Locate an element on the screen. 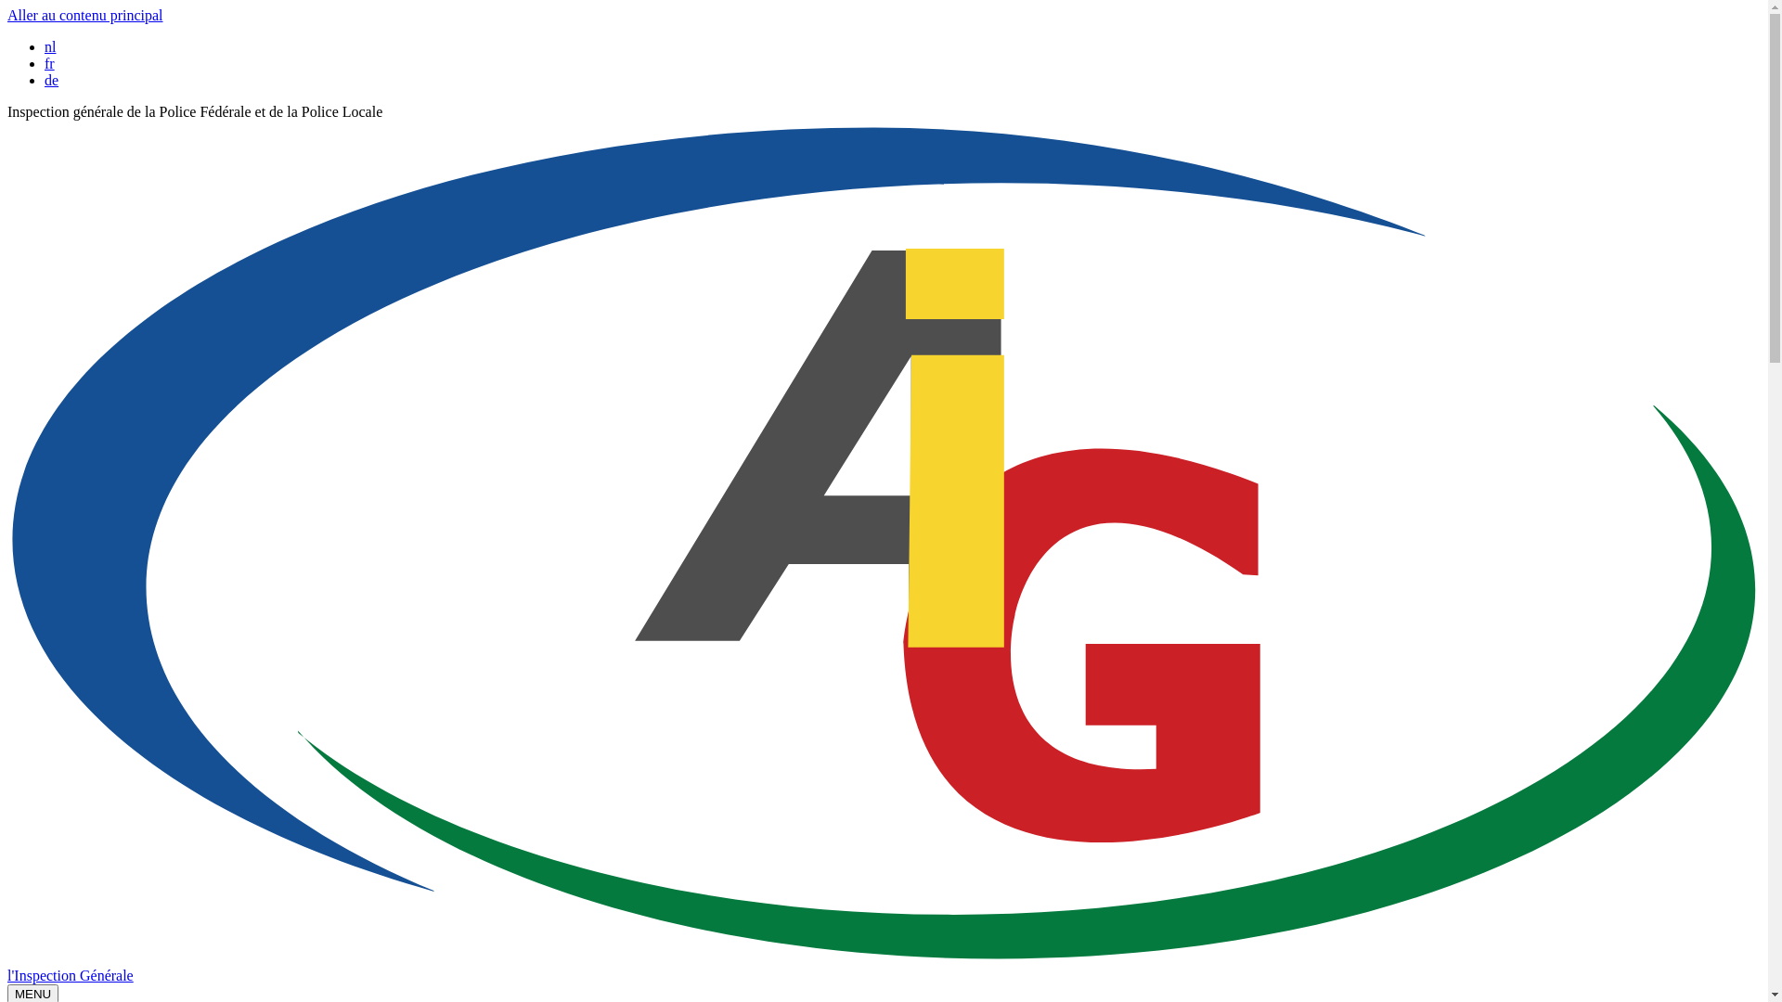  'Aller au contenu principal' is located at coordinates (84, 15).